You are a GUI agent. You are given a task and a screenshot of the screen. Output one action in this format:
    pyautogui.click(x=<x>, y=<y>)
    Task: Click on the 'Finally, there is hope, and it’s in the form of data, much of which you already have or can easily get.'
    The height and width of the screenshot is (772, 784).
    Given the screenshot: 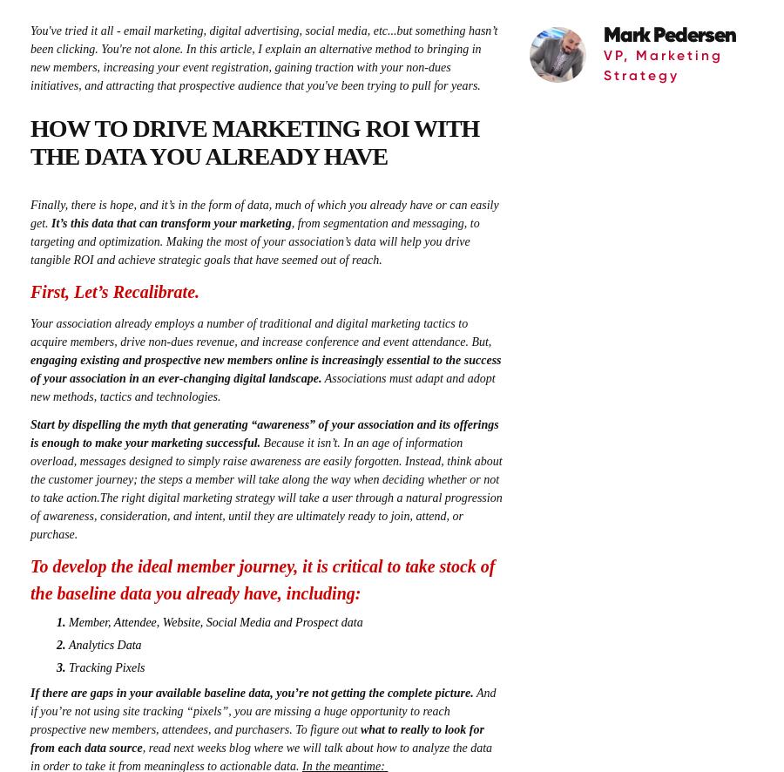 What is the action you would take?
    pyautogui.click(x=263, y=212)
    